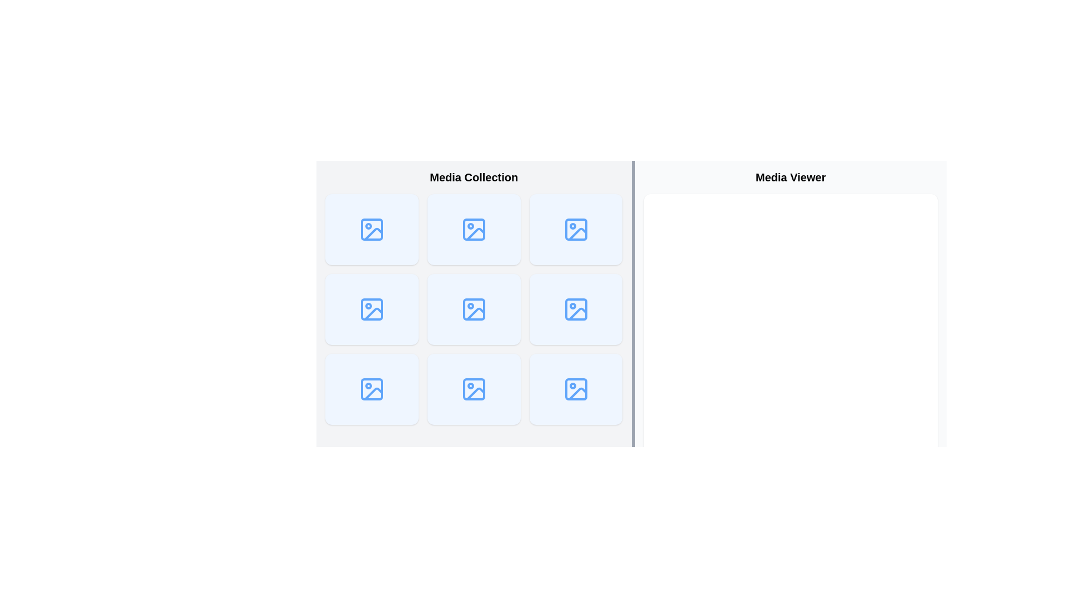 This screenshot has height=599, width=1066. What do you see at coordinates (371, 389) in the screenshot?
I see `the Icon Part located in the bottom-left component of the grid in the 'Media Collection' section, which represents a specific state or property of the image thumbnail` at bounding box center [371, 389].